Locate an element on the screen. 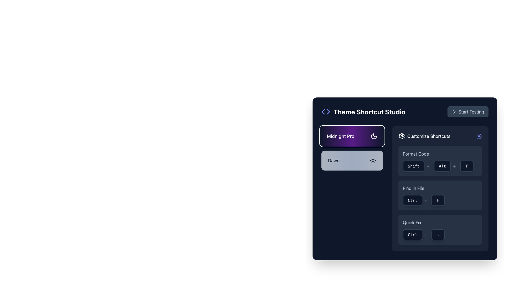 The width and height of the screenshot is (532, 299). 'Alt' key button in the 'Format Code' keyboard shortcut representation, which is the third button from the left in the sequence is located at coordinates (440, 161).